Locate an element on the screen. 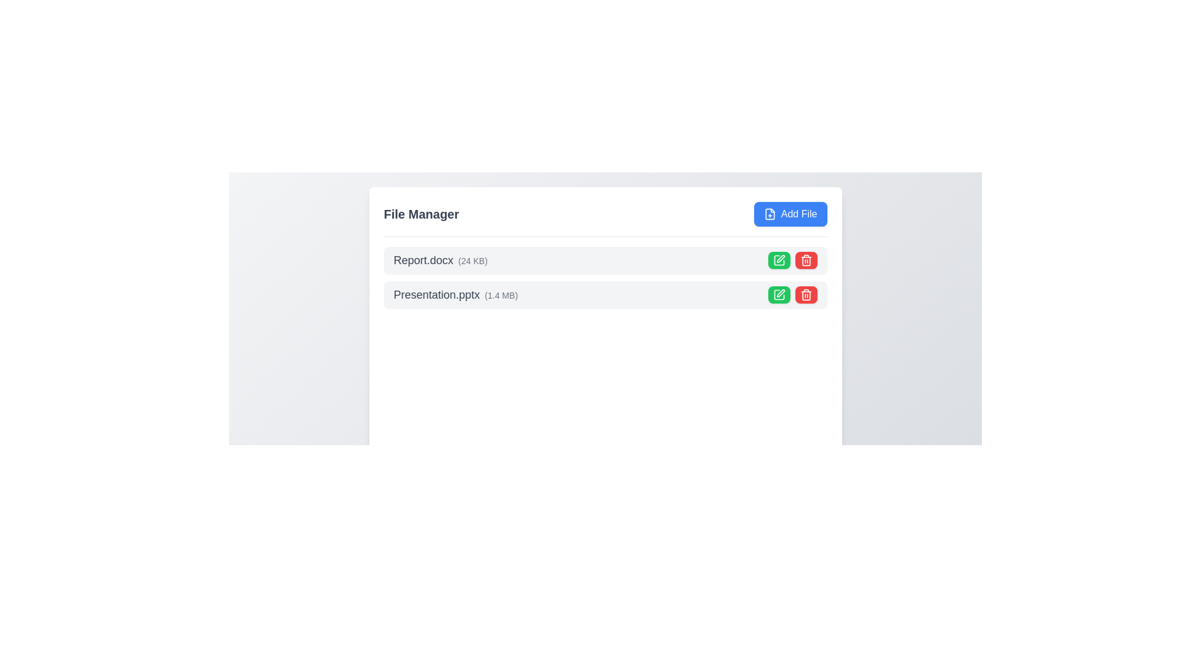 This screenshot has height=665, width=1182. the leftmost green button next to the 'Report.docx' file label is located at coordinates (778, 260).